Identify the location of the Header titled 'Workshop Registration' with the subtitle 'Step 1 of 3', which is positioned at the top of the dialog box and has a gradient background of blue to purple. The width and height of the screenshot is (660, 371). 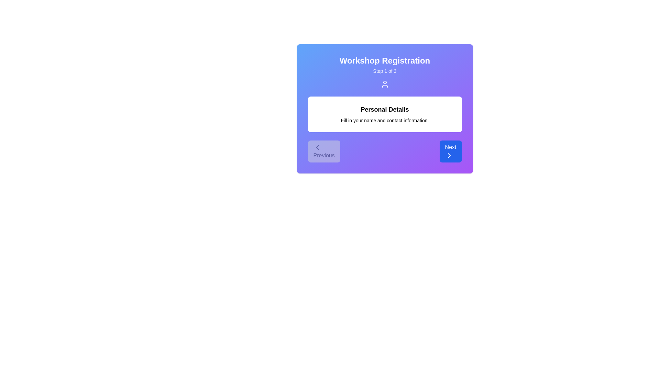
(384, 71).